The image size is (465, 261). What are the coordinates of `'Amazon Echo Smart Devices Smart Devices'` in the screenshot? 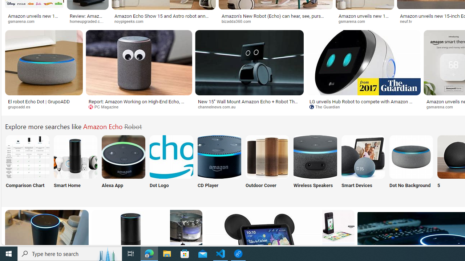 It's located at (363, 166).